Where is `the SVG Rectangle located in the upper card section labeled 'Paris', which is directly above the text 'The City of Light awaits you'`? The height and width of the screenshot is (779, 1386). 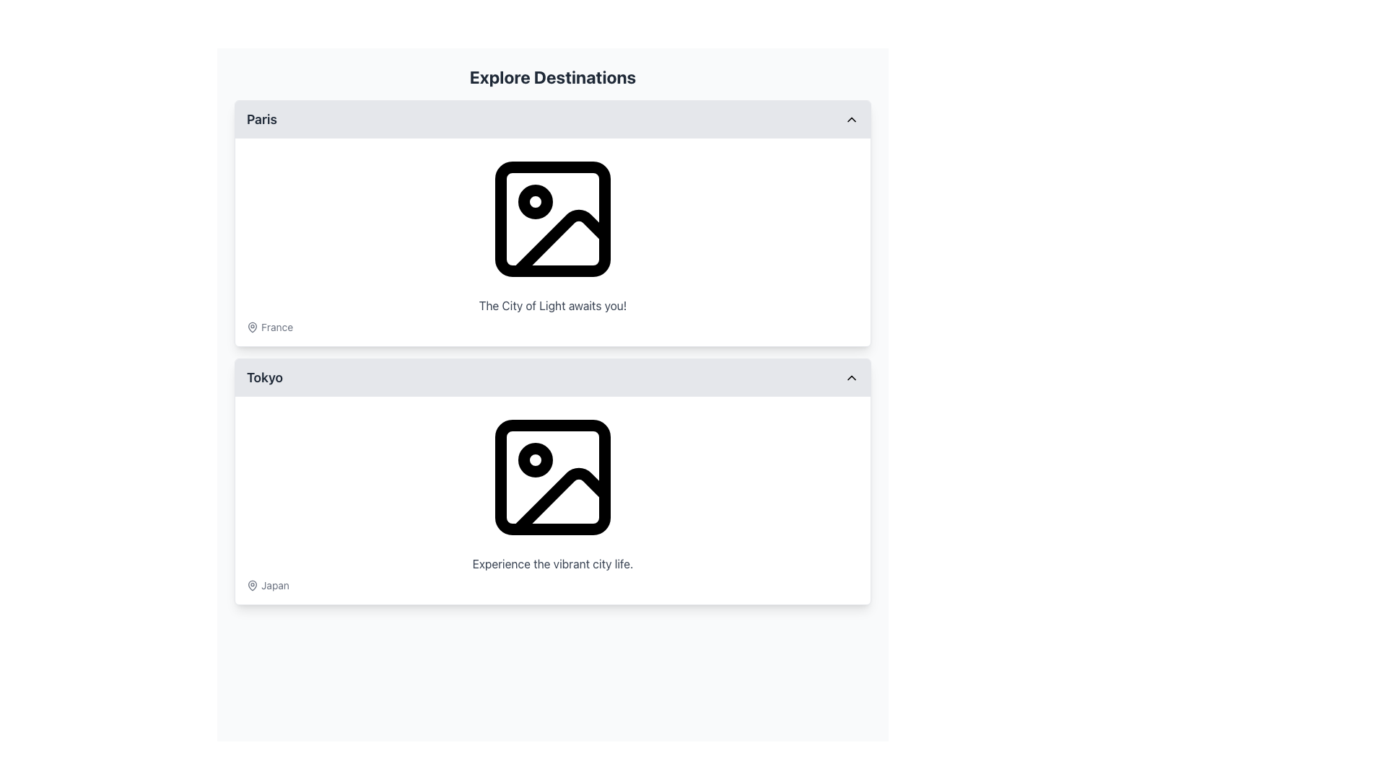
the SVG Rectangle located in the upper card section labeled 'Paris', which is directly above the text 'The City of Light awaits you' is located at coordinates (552, 219).